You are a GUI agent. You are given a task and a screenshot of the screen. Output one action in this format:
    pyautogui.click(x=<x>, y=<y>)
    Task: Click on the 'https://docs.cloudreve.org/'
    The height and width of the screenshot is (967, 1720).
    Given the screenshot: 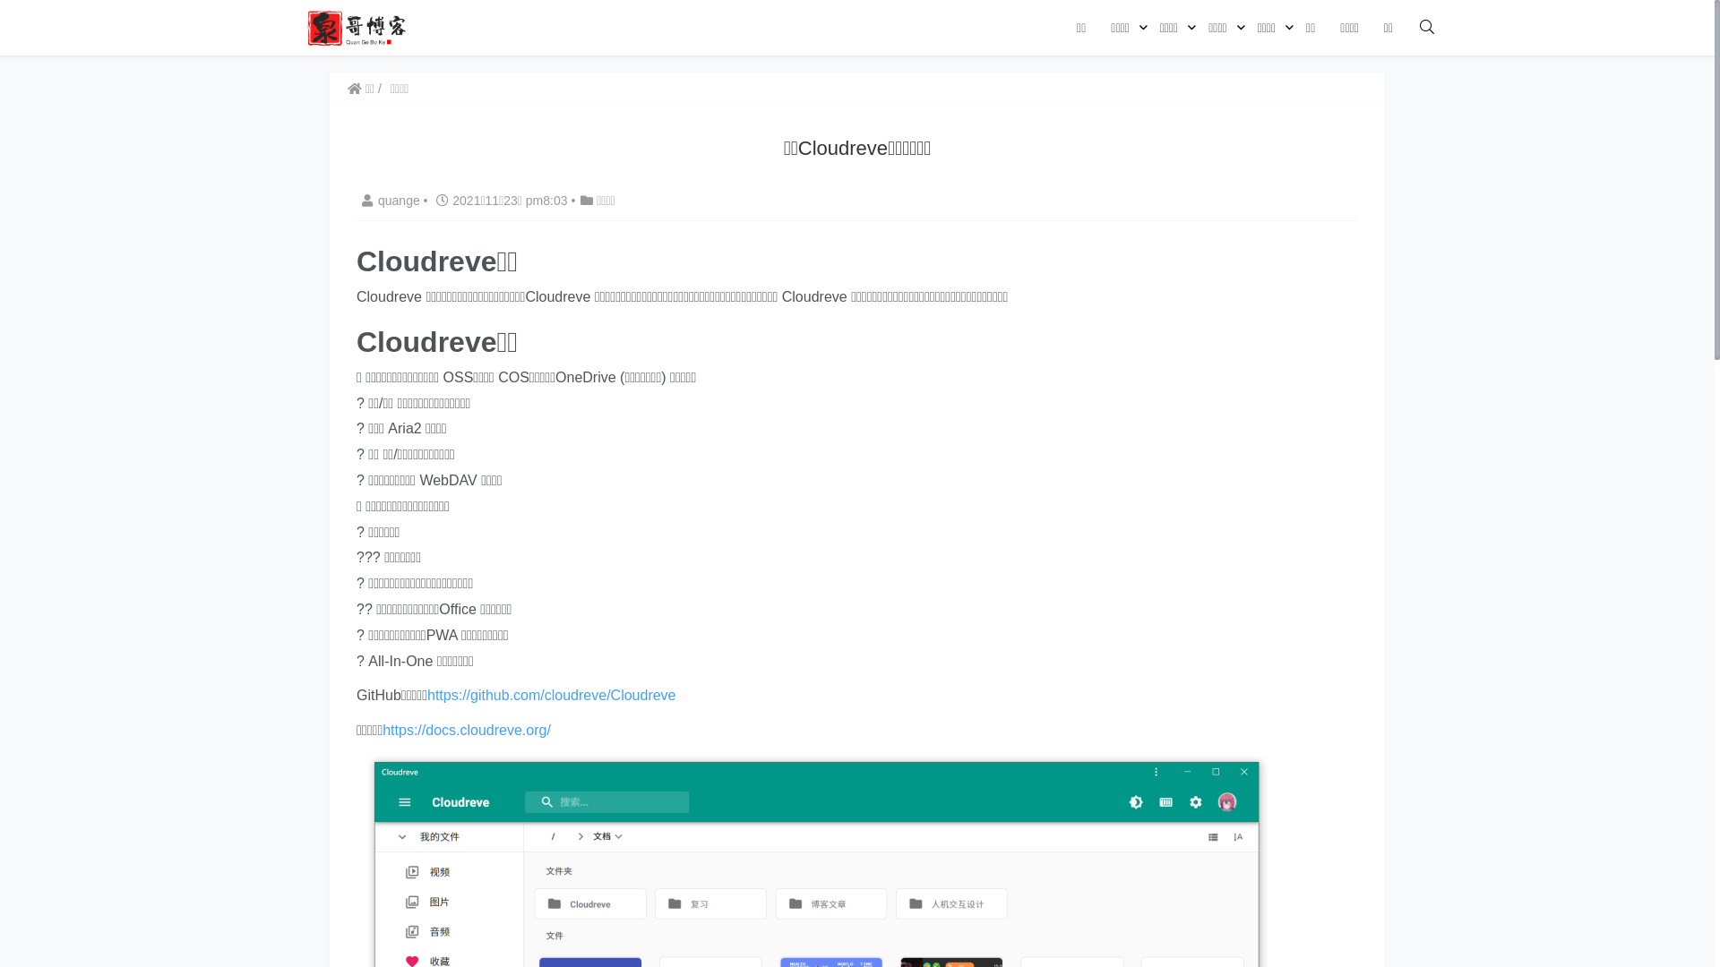 What is the action you would take?
    pyautogui.click(x=467, y=730)
    